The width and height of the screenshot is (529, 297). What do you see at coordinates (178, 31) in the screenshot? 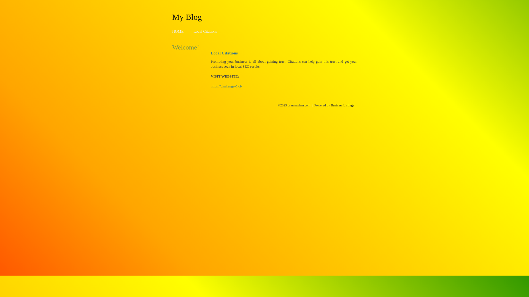
I see `'HOME'` at bounding box center [178, 31].